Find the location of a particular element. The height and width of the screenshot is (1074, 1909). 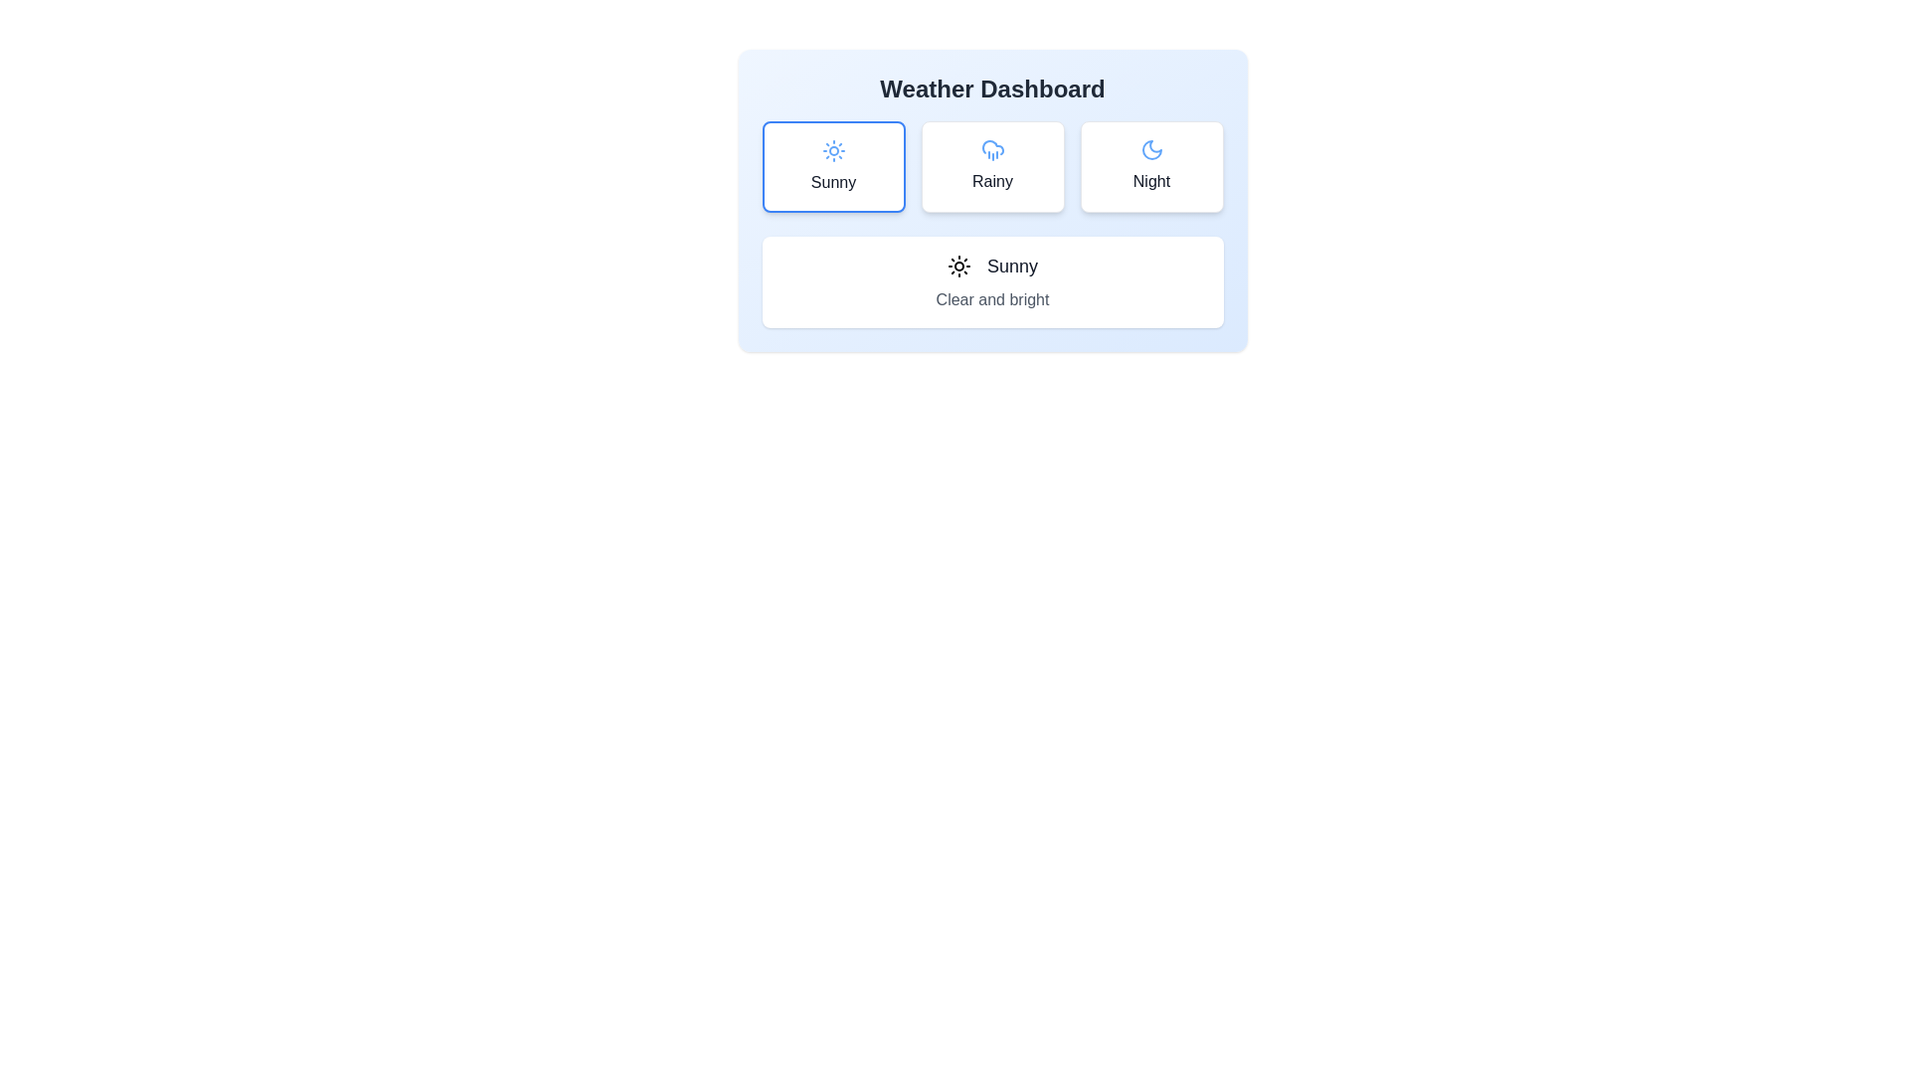

the 'Sunny' weather condition icon located in the left segment of the weather indicator section is located at coordinates (958, 265).